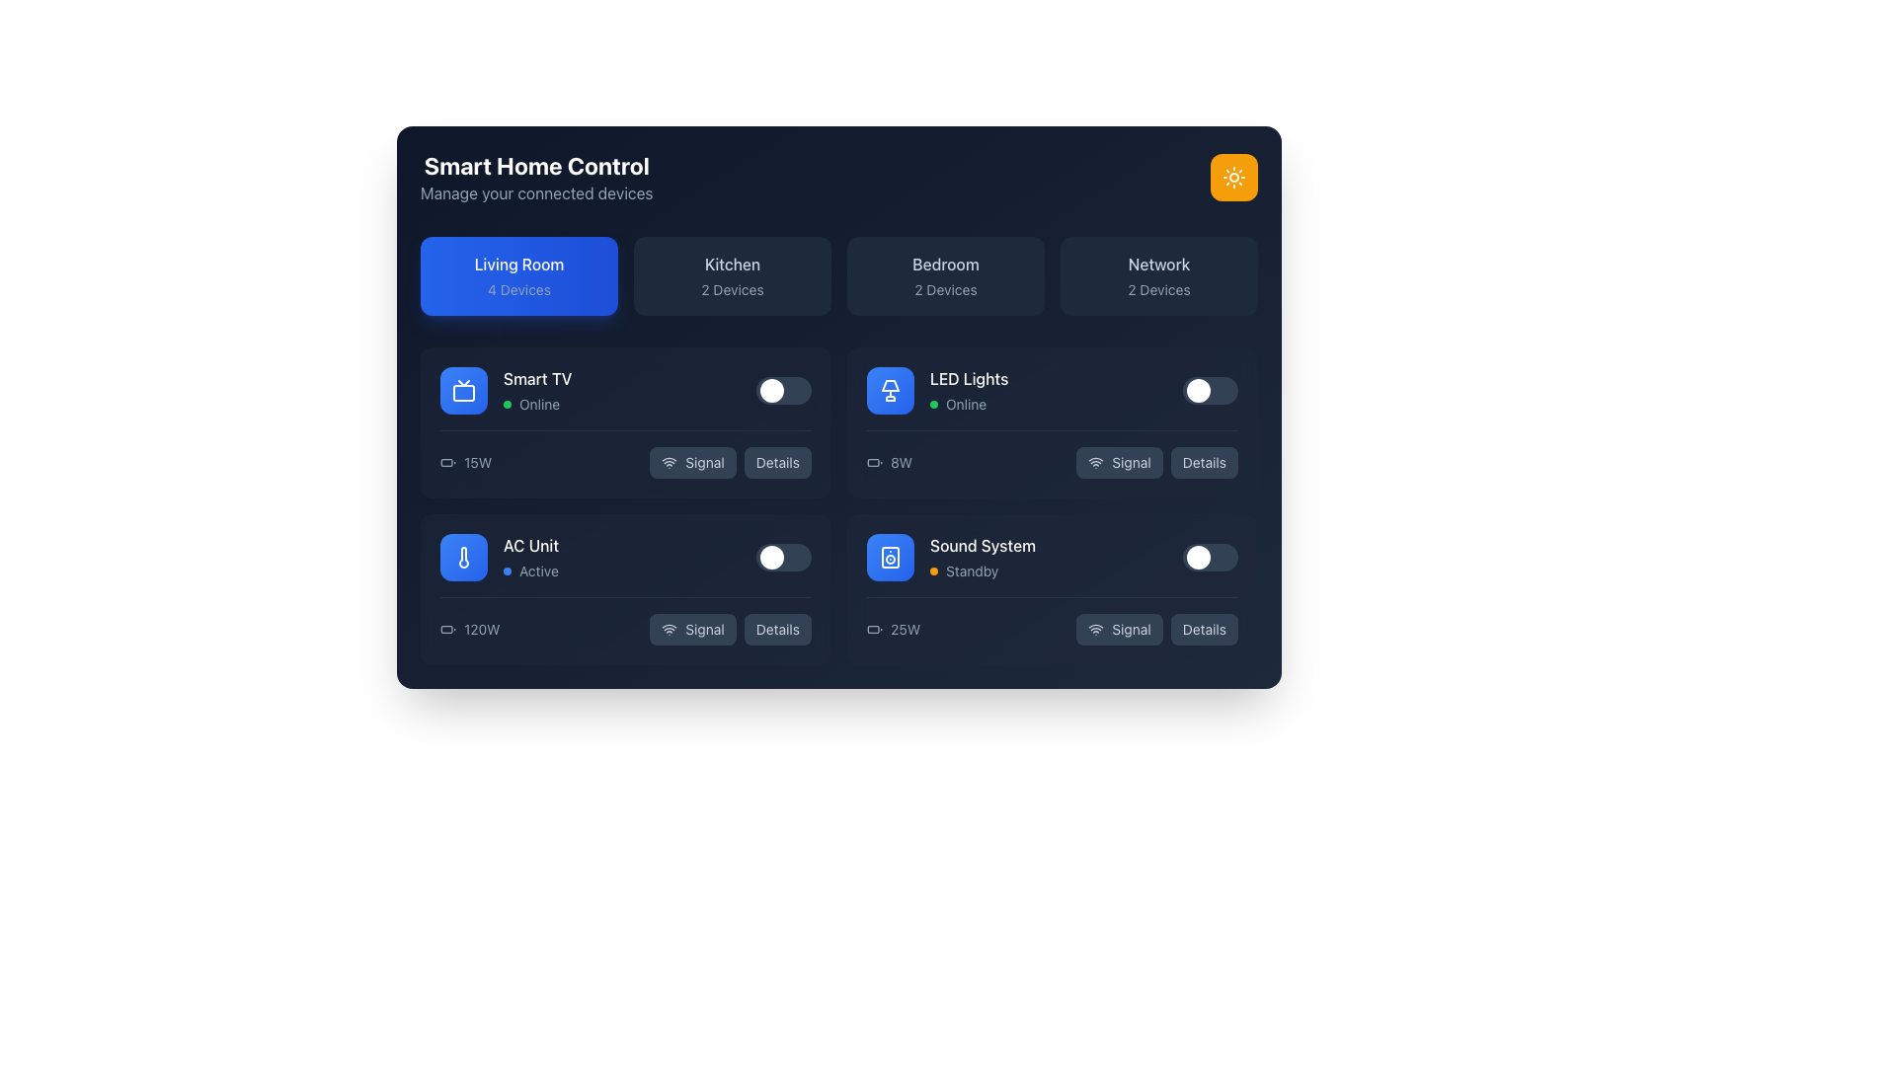 Image resolution: width=1896 pixels, height=1066 pixels. What do you see at coordinates (537, 391) in the screenshot?
I see `the Text label displaying 'Smart TV' with the status indicator showing 'Online', located on the right side of the TV icon in the 'Living Room' section` at bounding box center [537, 391].